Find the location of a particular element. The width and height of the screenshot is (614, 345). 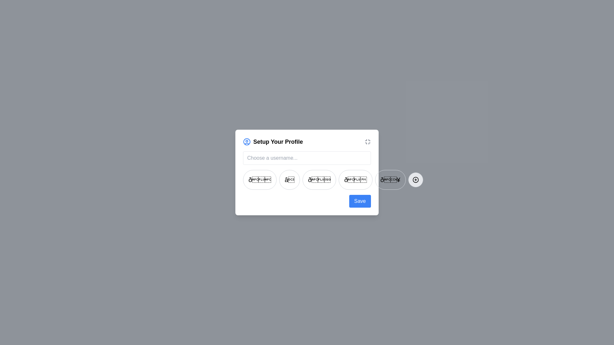

the third circular button under the 'Setup Your Profile' box is located at coordinates (319, 180).